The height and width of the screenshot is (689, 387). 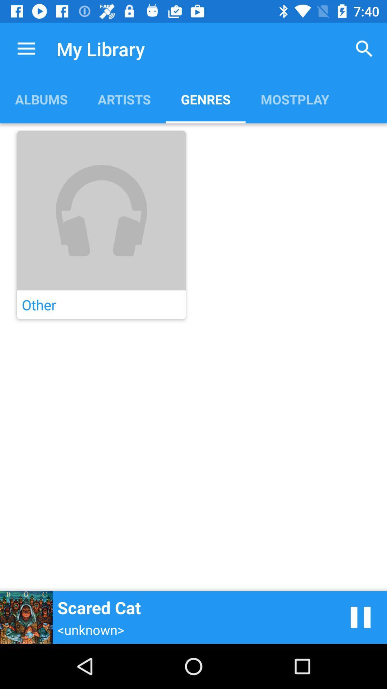 What do you see at coordinates (364, 48) in the screenshot?
I see `item next to genres app` at bounding box center [364, 48].